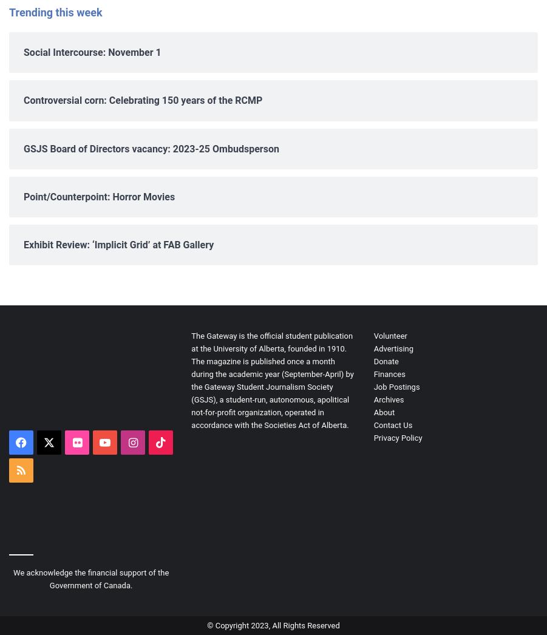  Describe the element at coordinates (396, 386) in the screenshot. I see `'Job Postings'` at that location.